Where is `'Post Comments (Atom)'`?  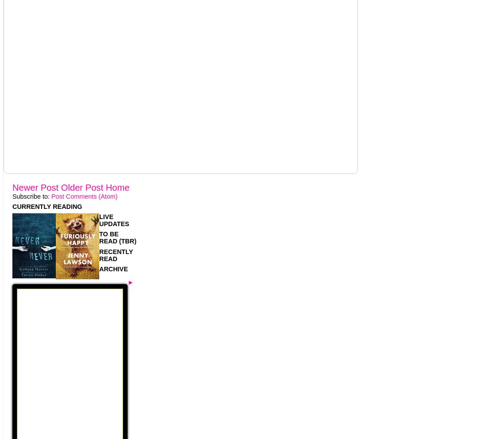
'Post Comments (Atom)' is located at coordinates (84, 196).